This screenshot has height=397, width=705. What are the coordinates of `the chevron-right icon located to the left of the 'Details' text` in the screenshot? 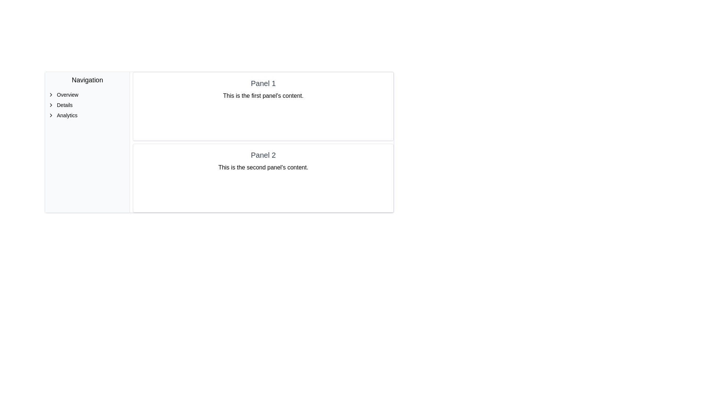 It's located at (51, 105).